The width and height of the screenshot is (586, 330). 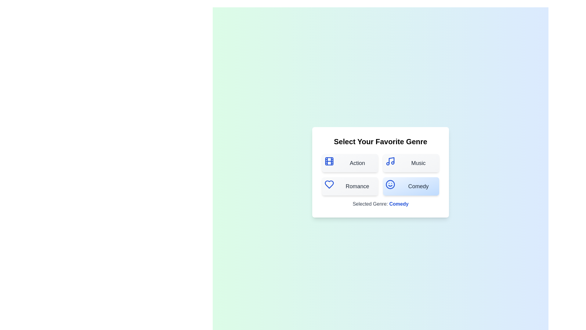 What do you see at coordinates (399, 204) in the screenshot?
I see `text 'Comedy' from the line 'Selected Genre: Comedy' displayed in bold blue beneath the genre selection panel` at bounding box center [399, 204].